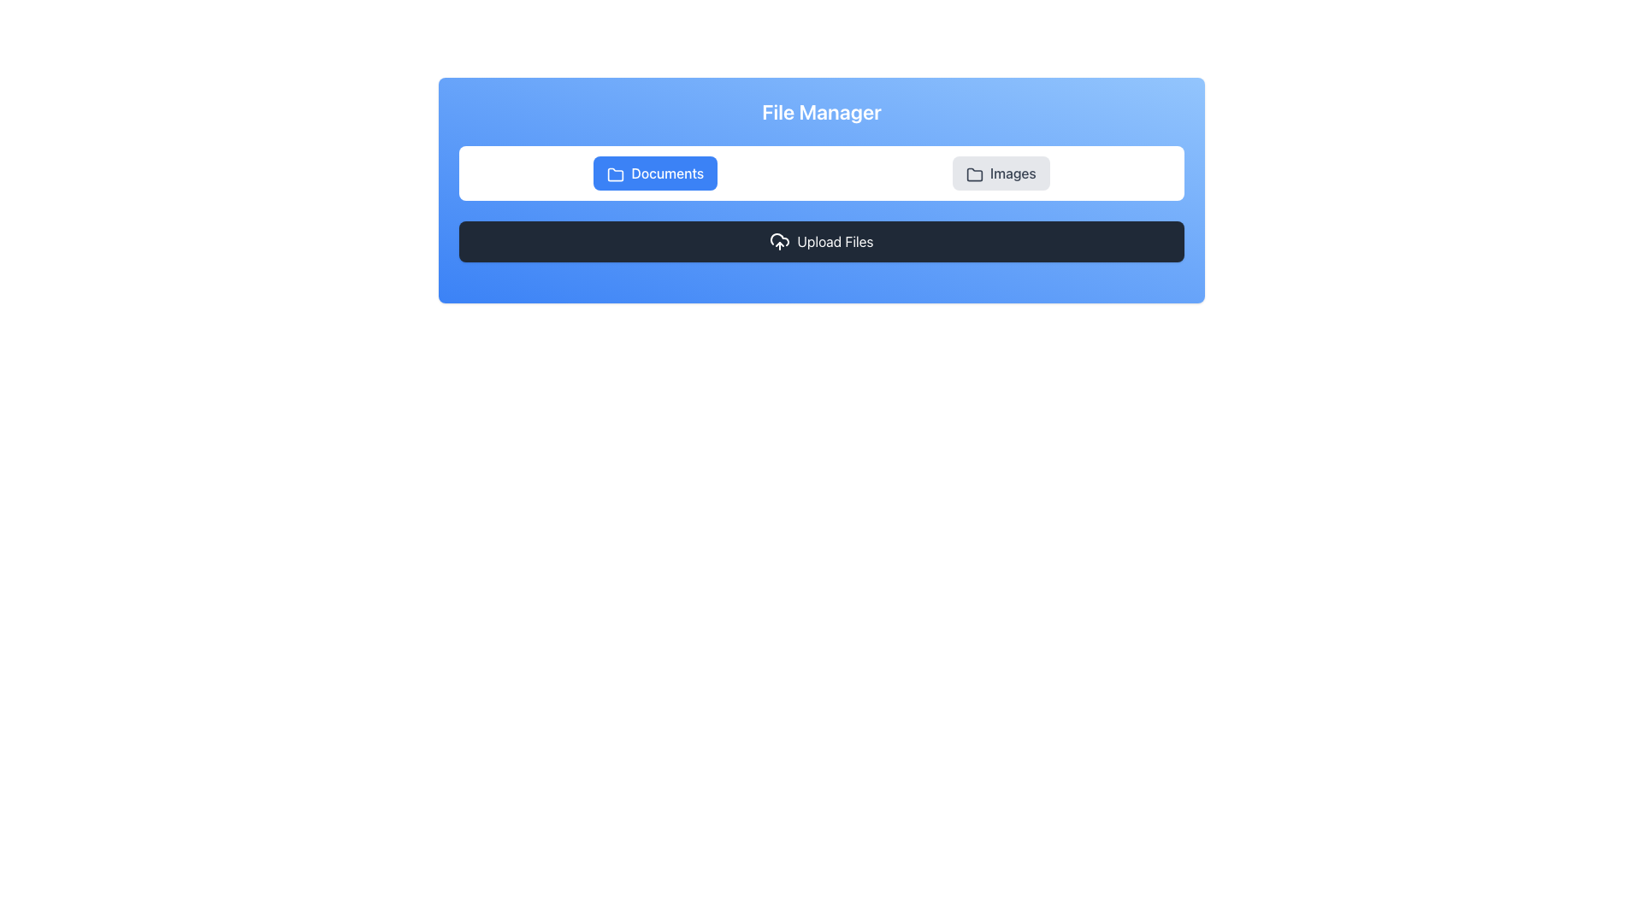  I want to click on the cloud shape of the upload icon, which is part of an upload button next to the 'Upload Files' label, so click(779, 239).